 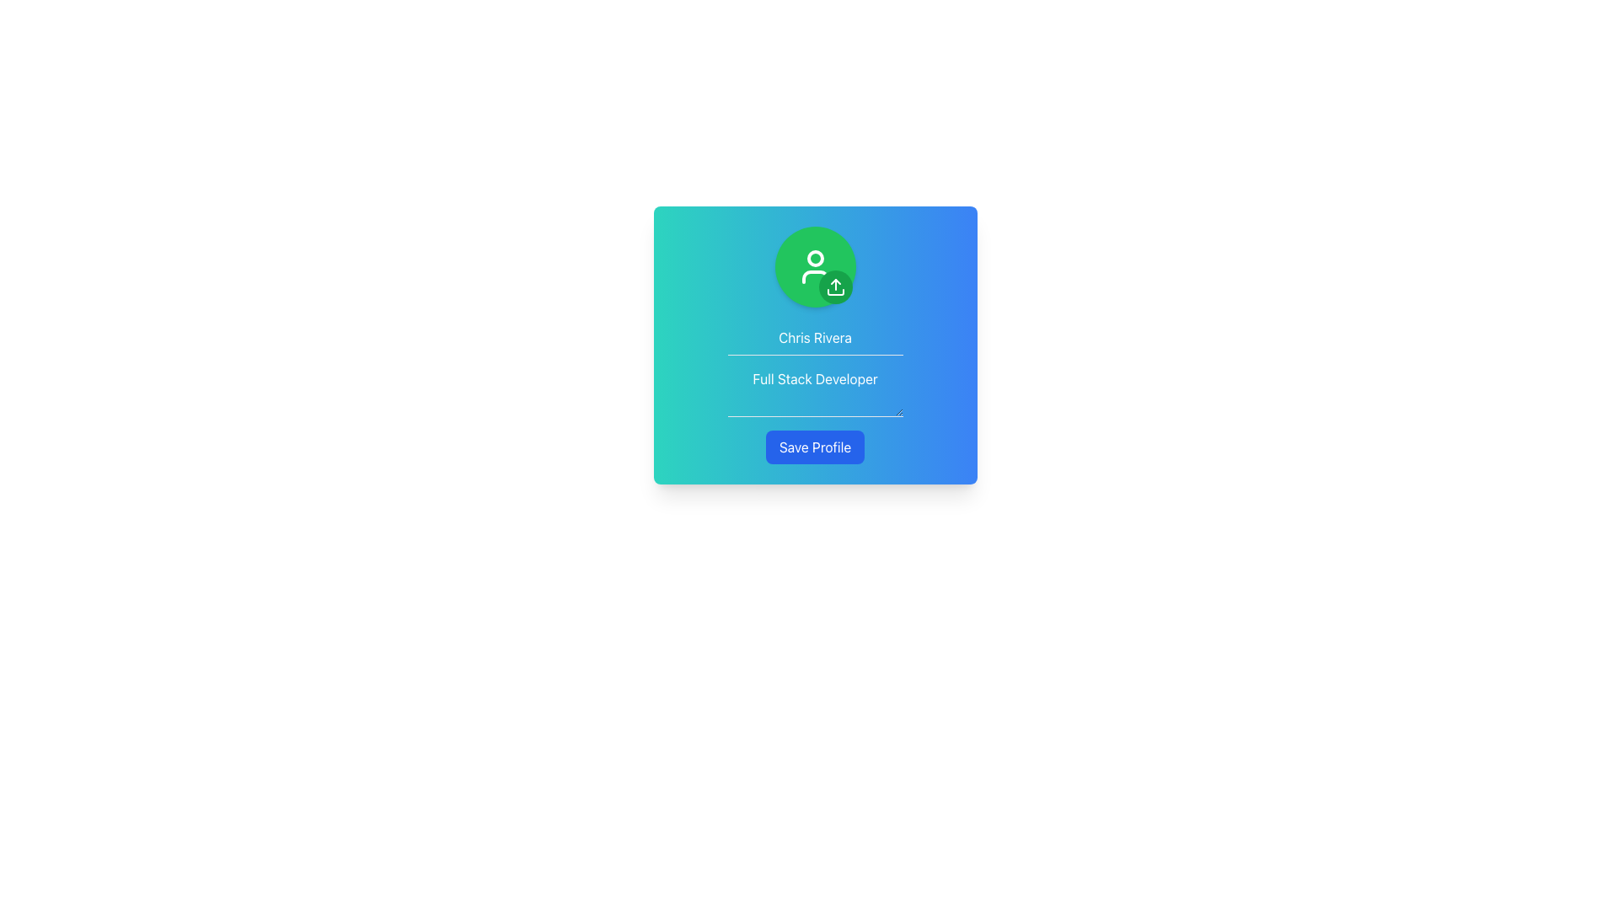 I want to click on the upload icon of the Profile Picture Element, which is located above the text 'Chris Rivera', to initiate picture upload, so click(x=815, y=265).